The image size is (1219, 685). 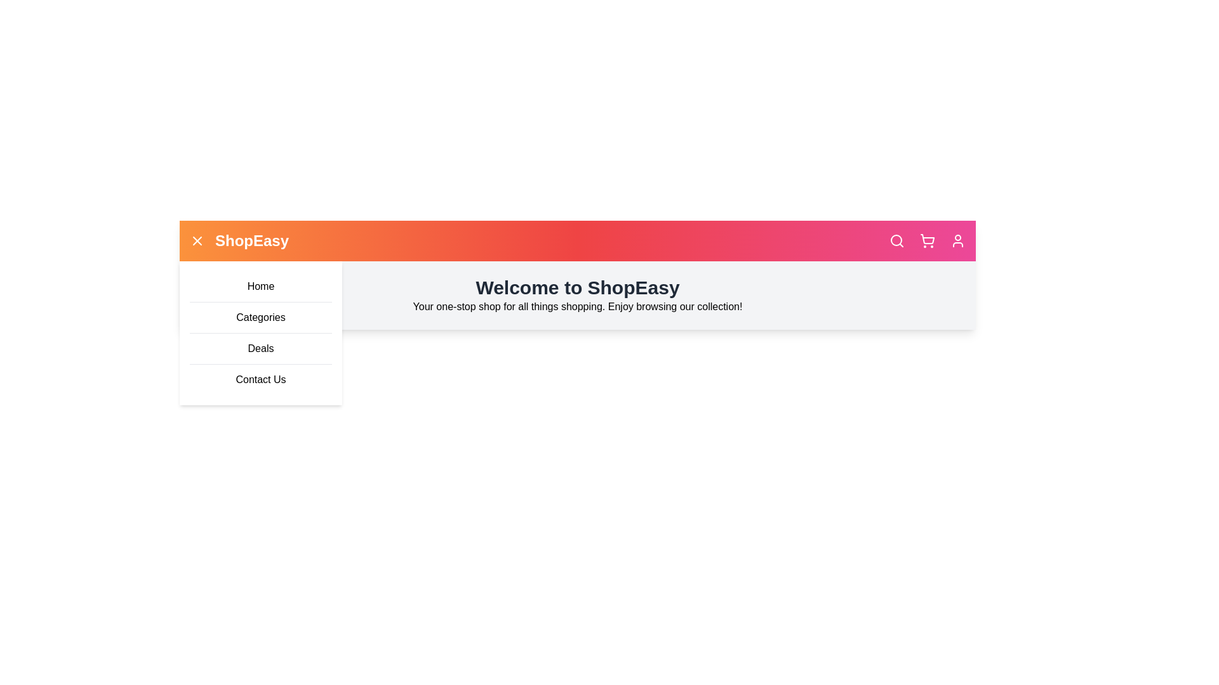 What do you see at coordinates (260, 316) in the screenshot?
I see `the 'Categories' hyperlink styled as a button in the vertical navigation menu` at bounding box center [260, 316].